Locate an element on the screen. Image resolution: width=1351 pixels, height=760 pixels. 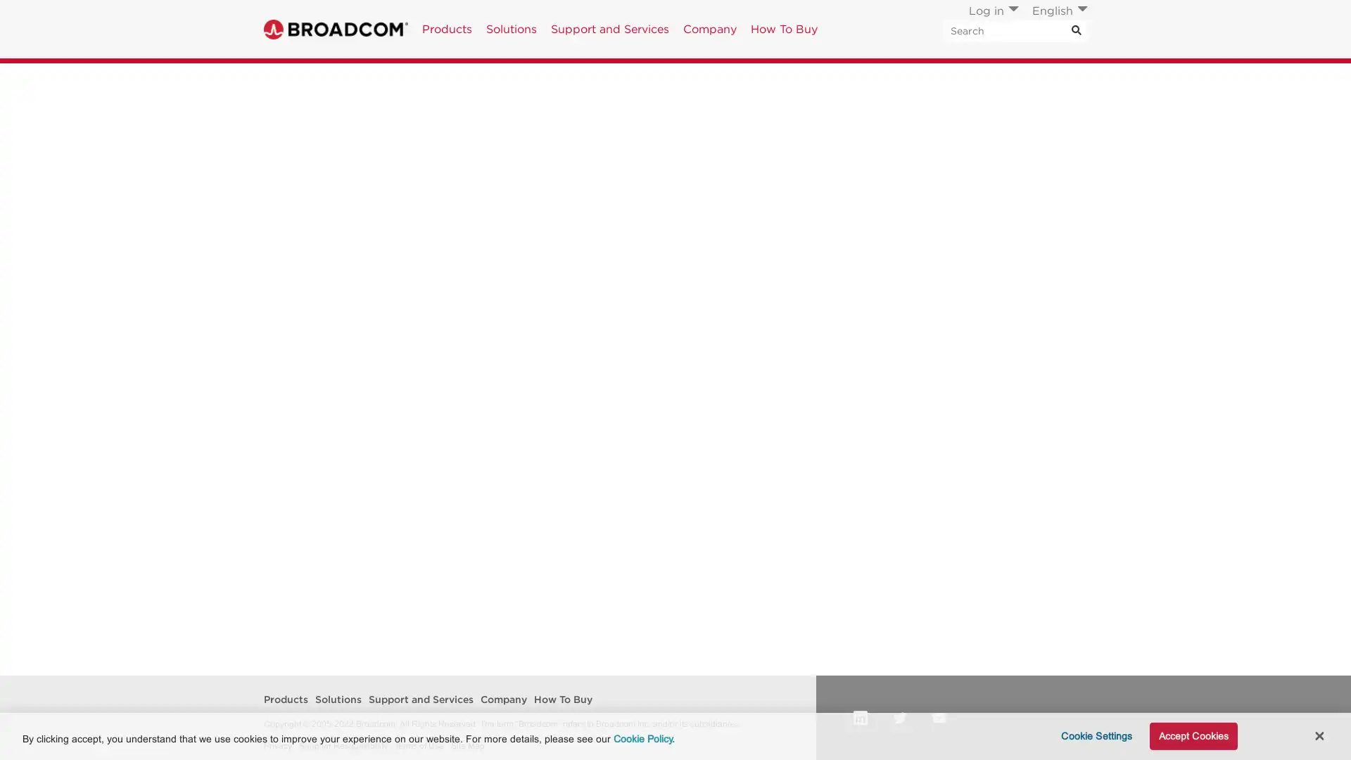
Support and Services is located at coordinates (610, 29).